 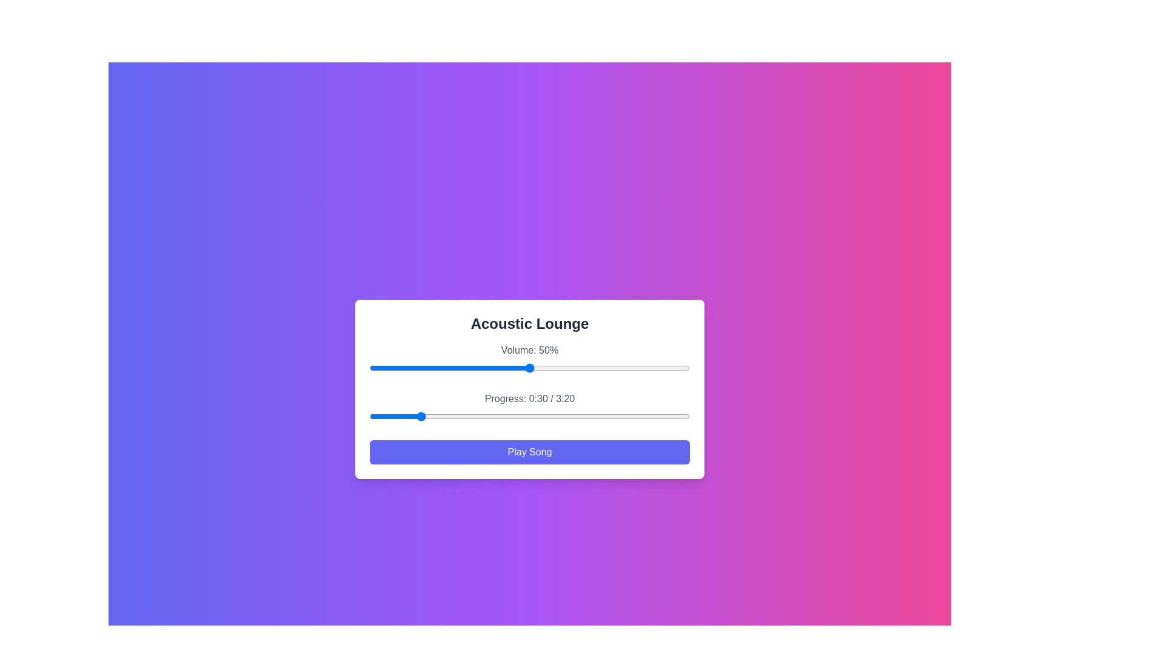 What do you see at coordinates (564, 368) in the screenshot?
I see `the volume to 61% by interacting with the slider` at bounding box center [564, 368].